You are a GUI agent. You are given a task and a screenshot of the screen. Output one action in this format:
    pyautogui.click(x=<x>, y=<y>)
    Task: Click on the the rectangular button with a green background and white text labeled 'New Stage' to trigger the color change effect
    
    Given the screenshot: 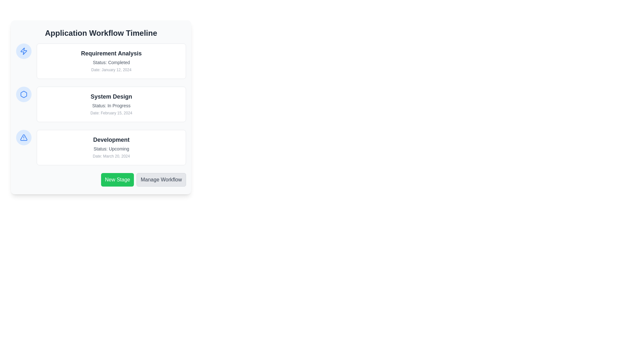 What is the action you would take?
    pyautogui.click(x=117, y=180)
    